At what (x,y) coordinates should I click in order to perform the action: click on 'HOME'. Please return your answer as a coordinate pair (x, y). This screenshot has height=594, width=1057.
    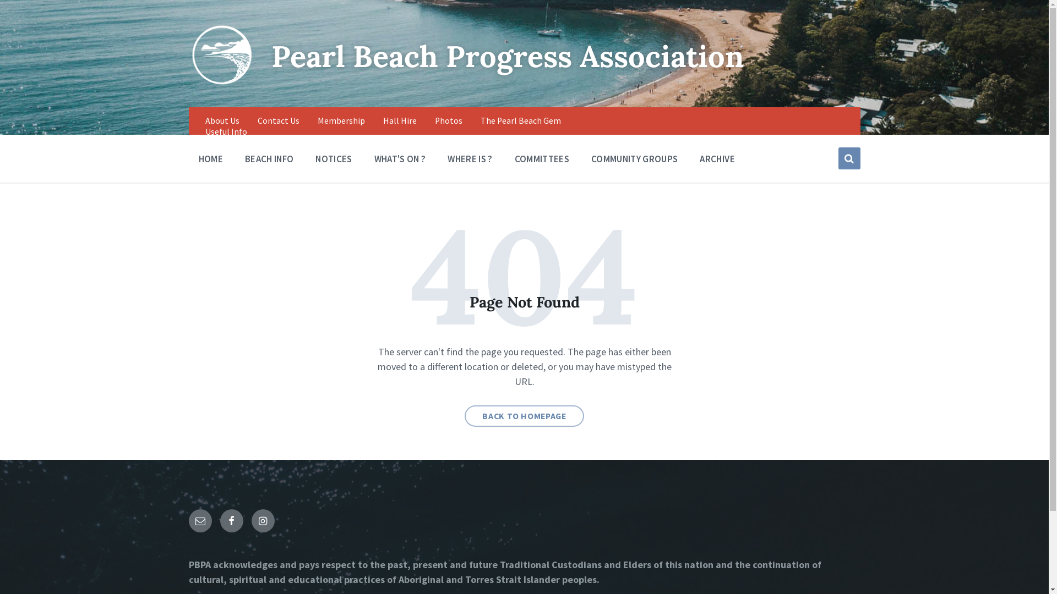
    Looking at the image, I should click on (189, 157).